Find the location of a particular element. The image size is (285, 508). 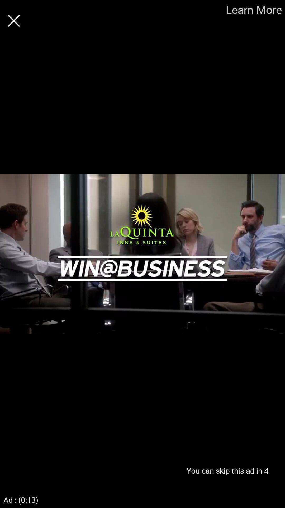

kfvs12 local news is located at coordinates (13, 21).